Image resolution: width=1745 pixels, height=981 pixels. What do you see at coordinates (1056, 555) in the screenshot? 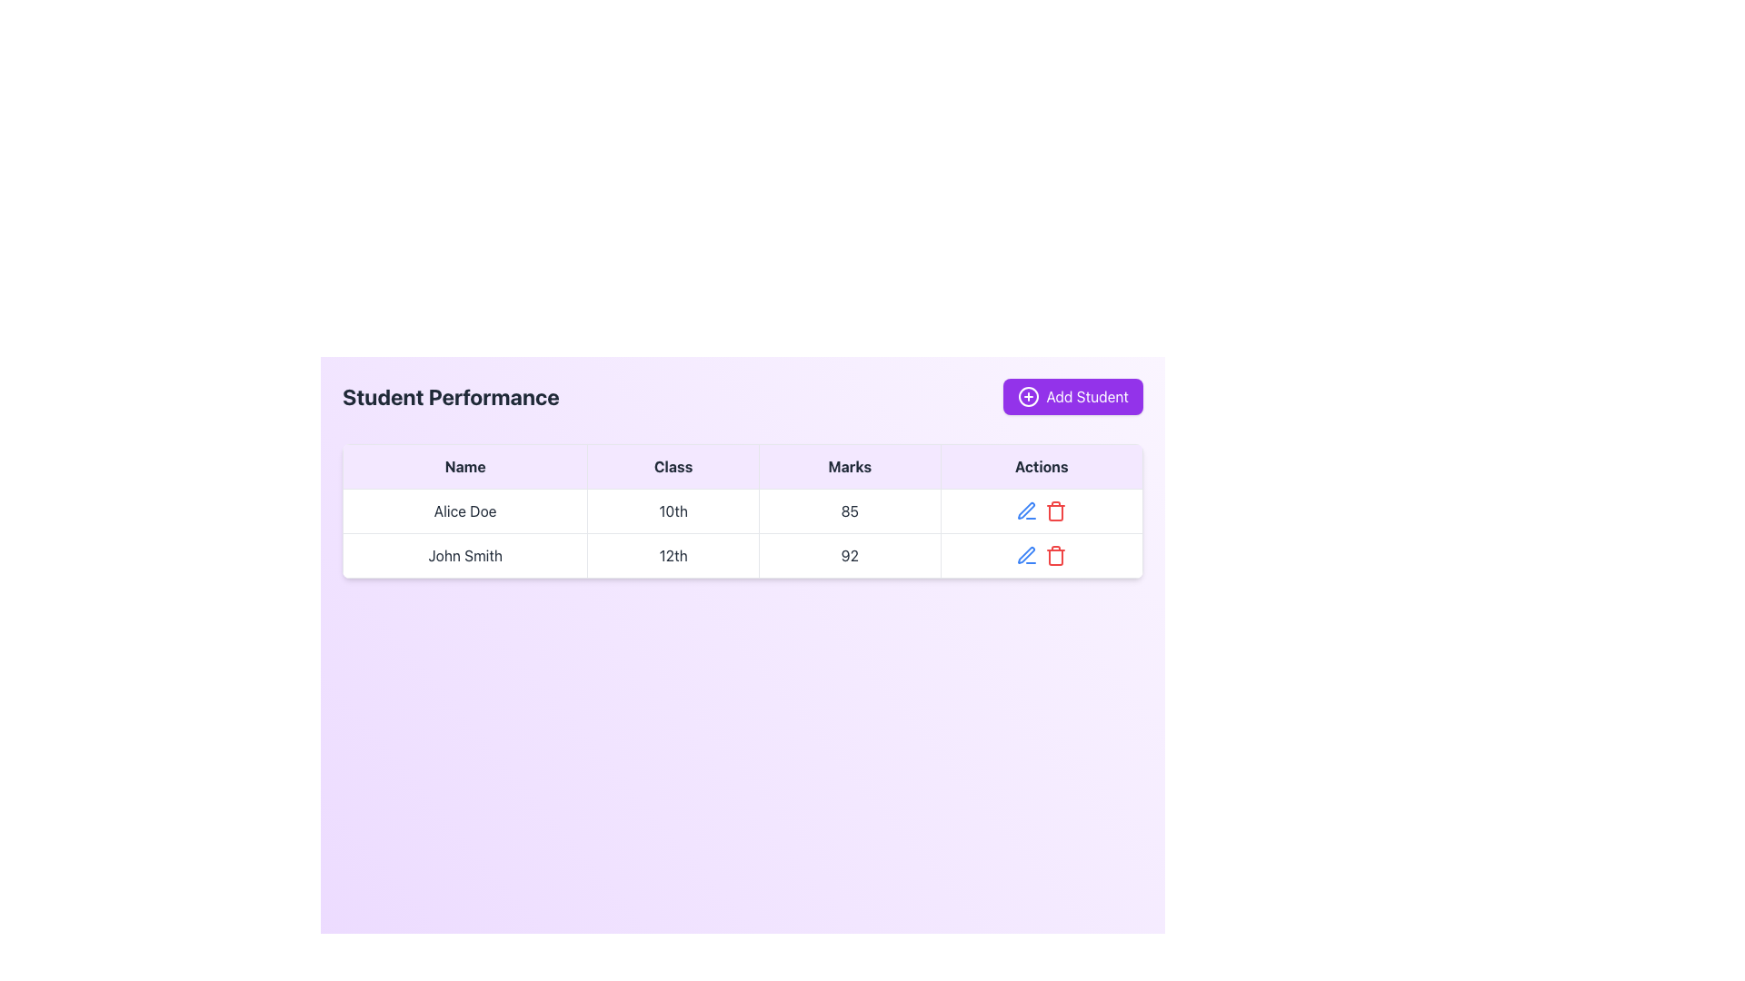
I see `the delete icon in the 'Actions' column of the second row of the table` at bounding box center [1056, 555].